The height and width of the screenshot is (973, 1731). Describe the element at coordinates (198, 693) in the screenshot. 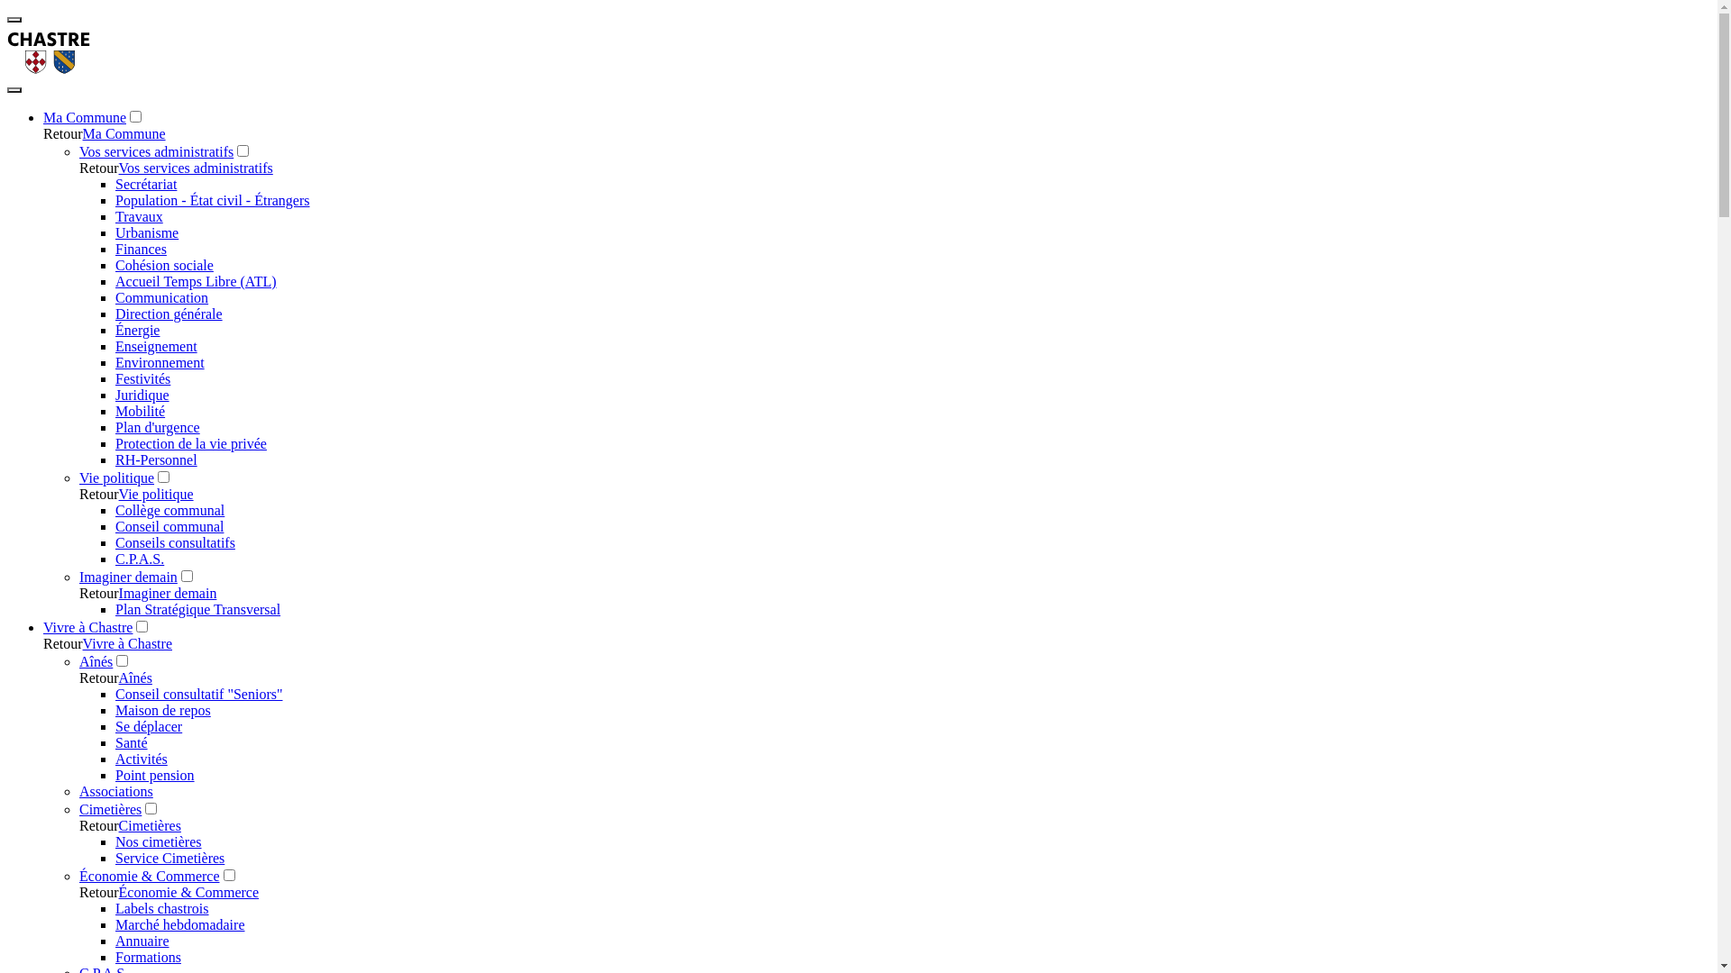

I see `'Conseil consultatif "Seniors"'` at that location.